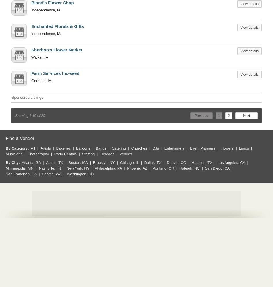 Image resolution: width=273 pixels, height=287 pixels. I want to click on 'Seattle, WA', so click(51, 173).